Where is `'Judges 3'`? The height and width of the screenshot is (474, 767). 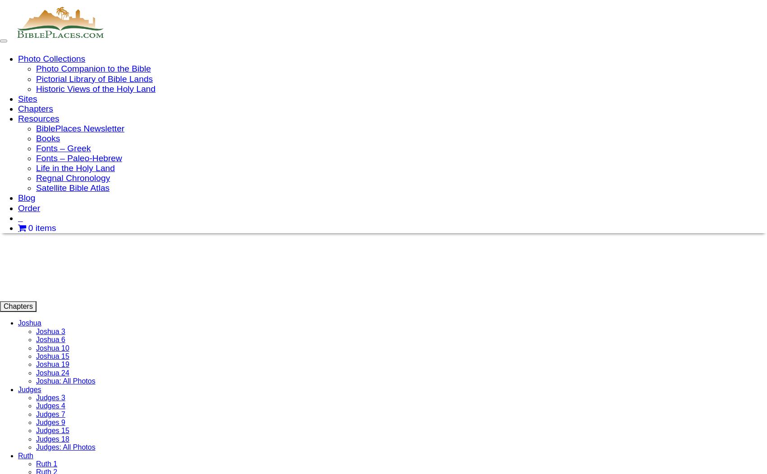
'Judges 3' is located at coordinates (50, 397).